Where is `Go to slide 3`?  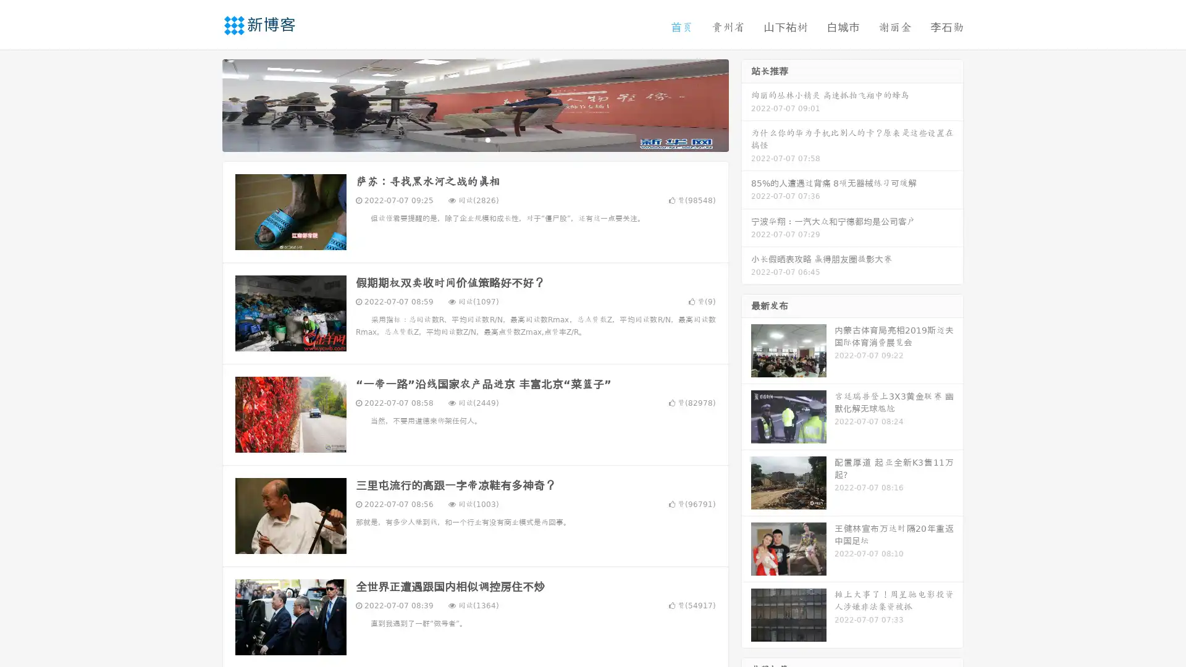
Go to slide 3 is located at coordinates (487, 139).